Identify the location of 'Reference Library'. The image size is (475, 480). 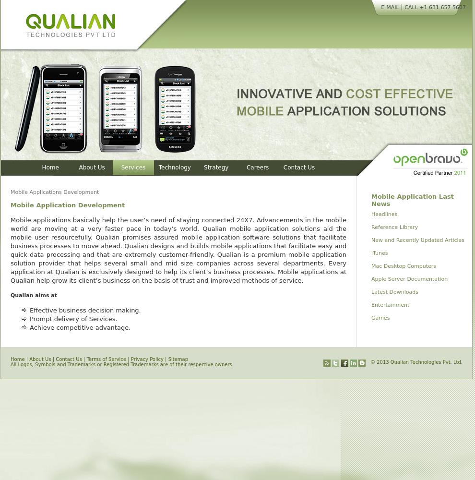
(394, 227).